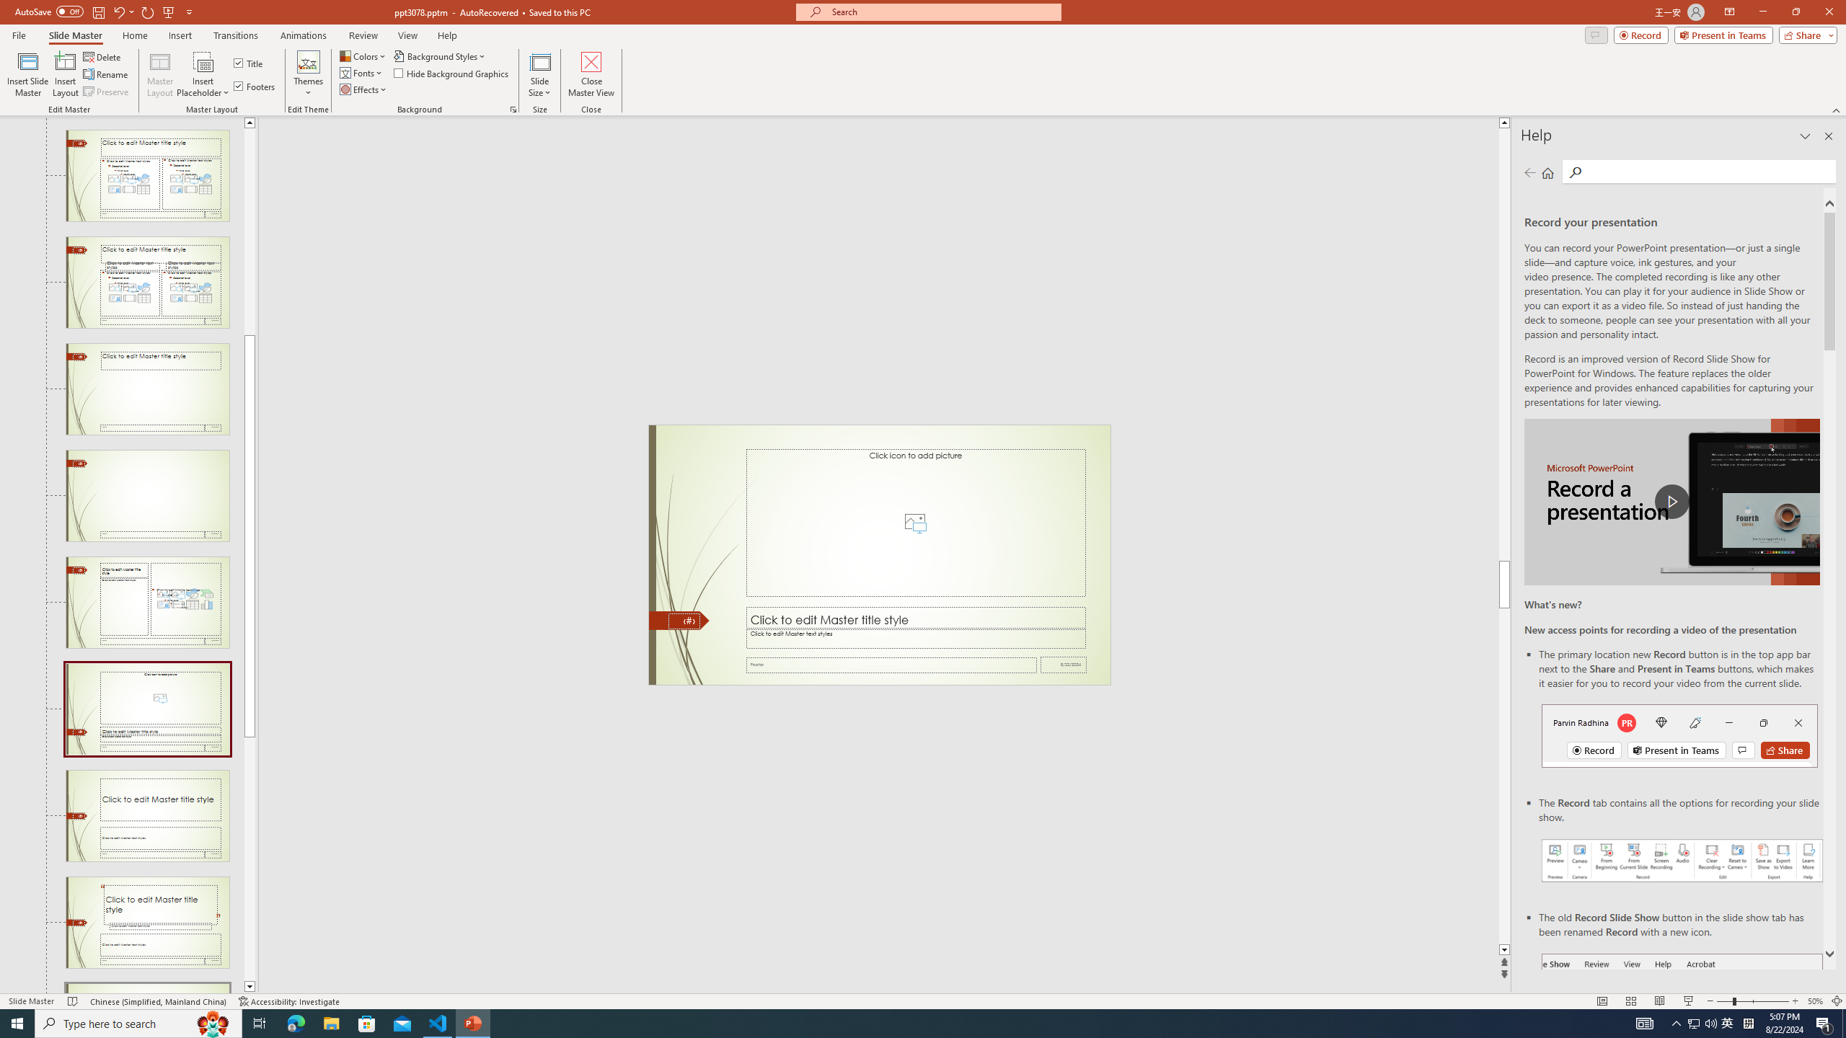 The height and width of the screenshot is (1038, 1846). Describe the element at coordinates (914, 637) in the screenshot. I see `'TextBox'` at that location.